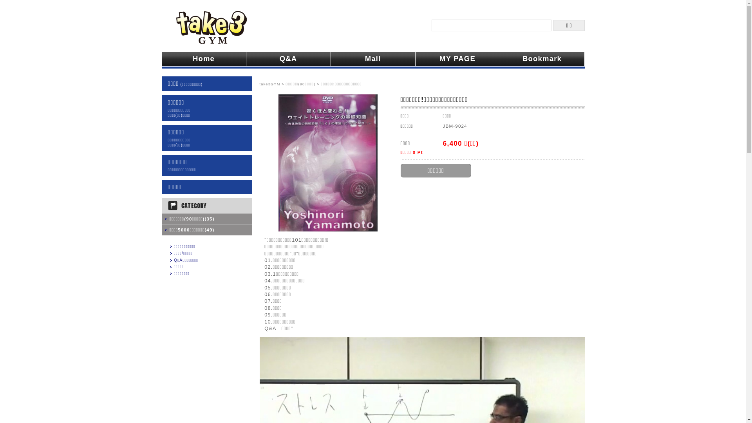  I want to click on 'Mail', so click(372, 58).